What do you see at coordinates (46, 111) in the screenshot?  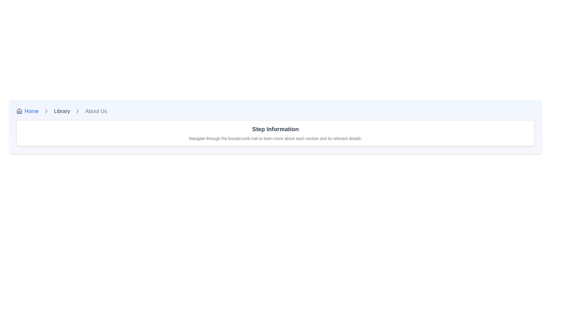 I see `the second chevron arrow icon in the breadcrumb navigation bar that separates 'Home' and 'Library'` at bounding box center [46, 111].